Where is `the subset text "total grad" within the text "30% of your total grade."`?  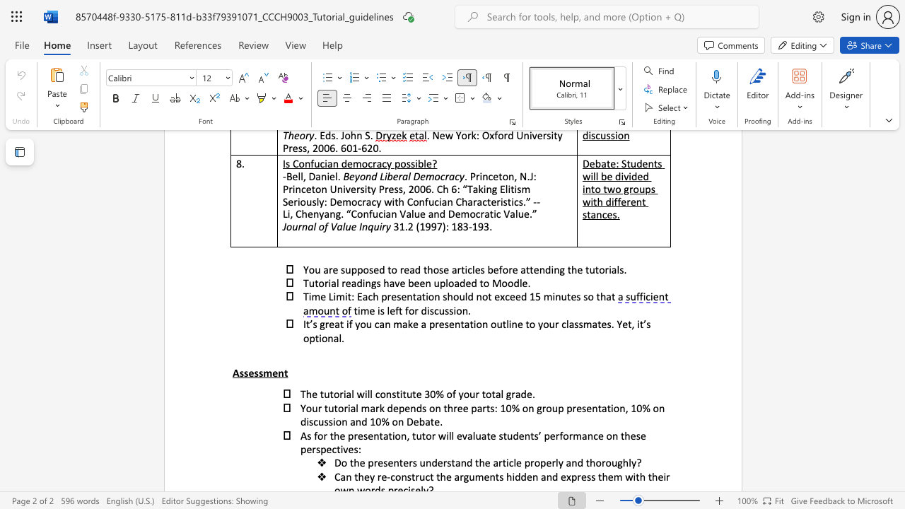 the subset text "total grad" within the text "30% of your total grade." is located at coordinates (481, 394).